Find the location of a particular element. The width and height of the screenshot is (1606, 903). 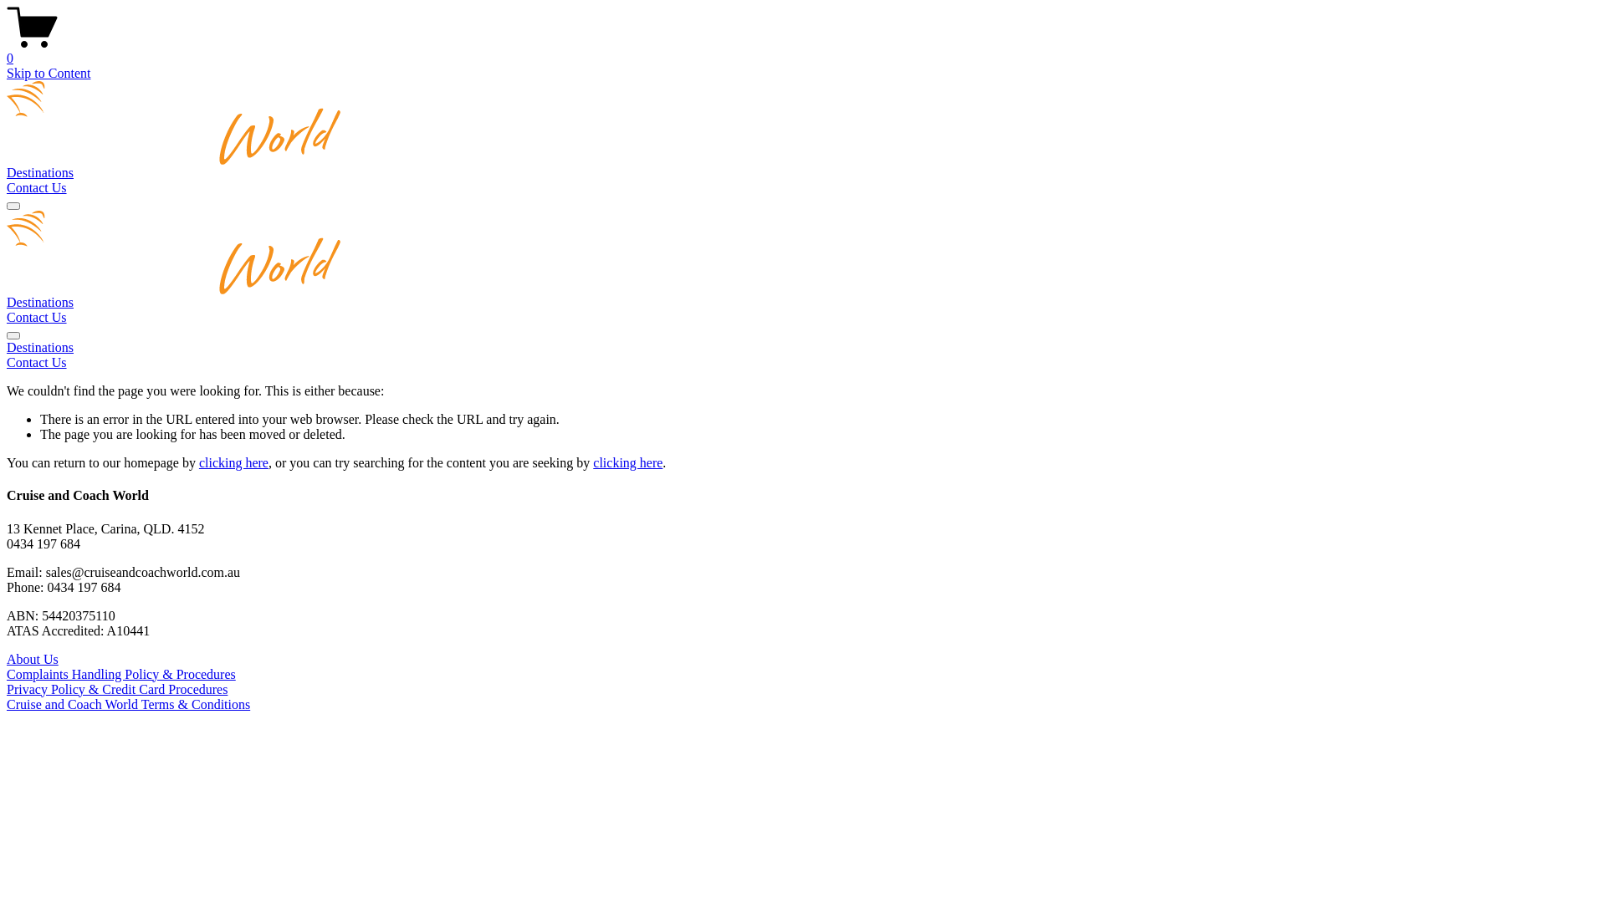

'Privacy Policy & Credit Card Procedures' is located at coordinates (7, 689).